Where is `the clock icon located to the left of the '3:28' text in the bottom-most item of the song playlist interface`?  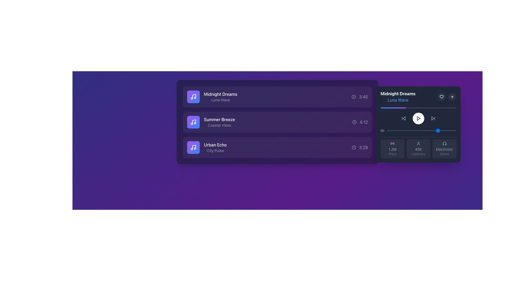 the clock icon located to the left of the '3:28' text in the bottom-most item of the song playlist interface is located at coordinates (354, 148).